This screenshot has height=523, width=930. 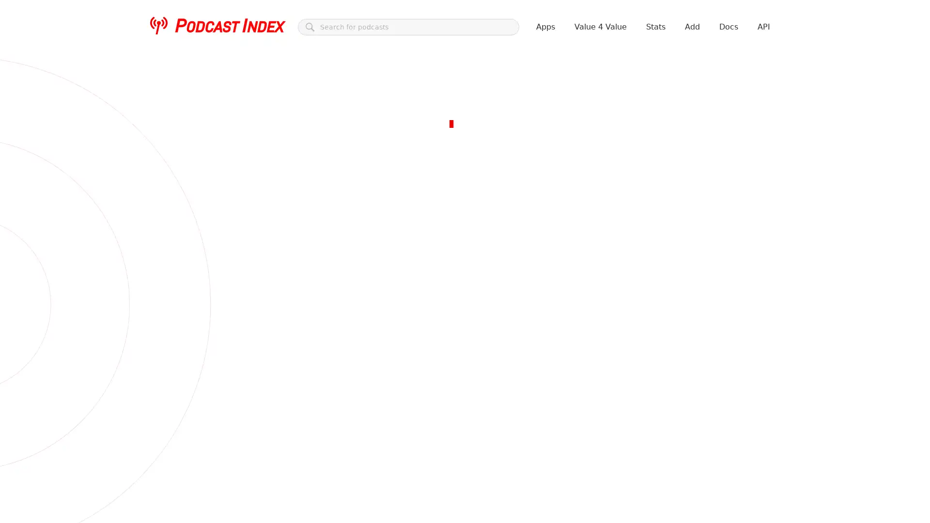 I want to click on Show All, so click(x=240, y=242).